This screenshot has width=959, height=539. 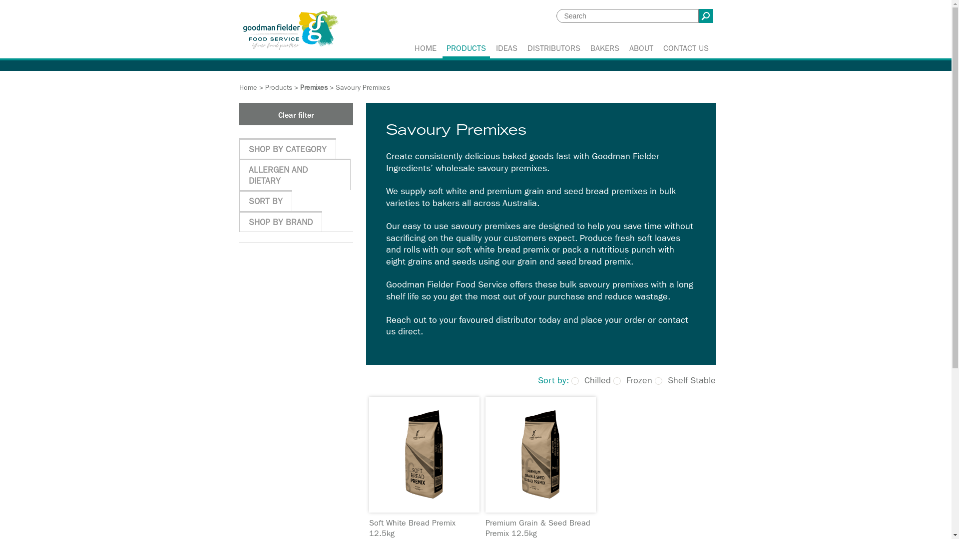 What do you see at coordinates (685, 48) in the screenshot?
I see `'CONTACT US'` at bounding box center [685, 48].